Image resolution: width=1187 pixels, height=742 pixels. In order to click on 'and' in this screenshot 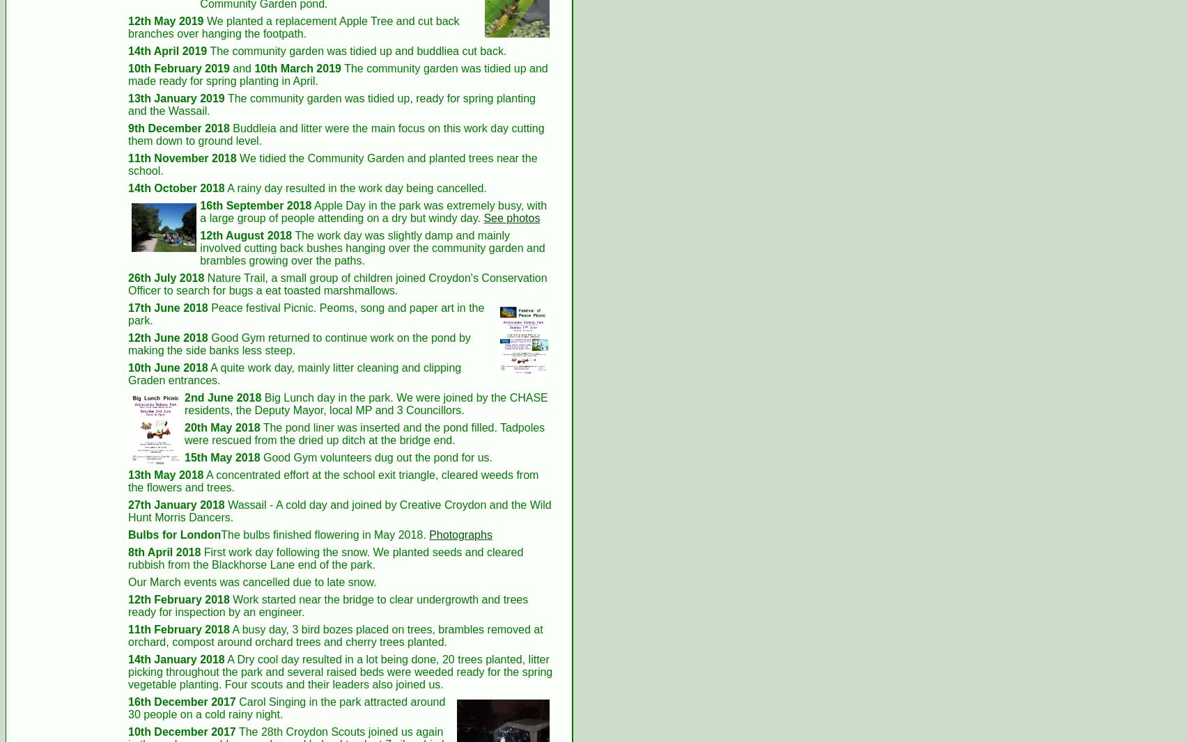, I will do `click(240, 67)`.